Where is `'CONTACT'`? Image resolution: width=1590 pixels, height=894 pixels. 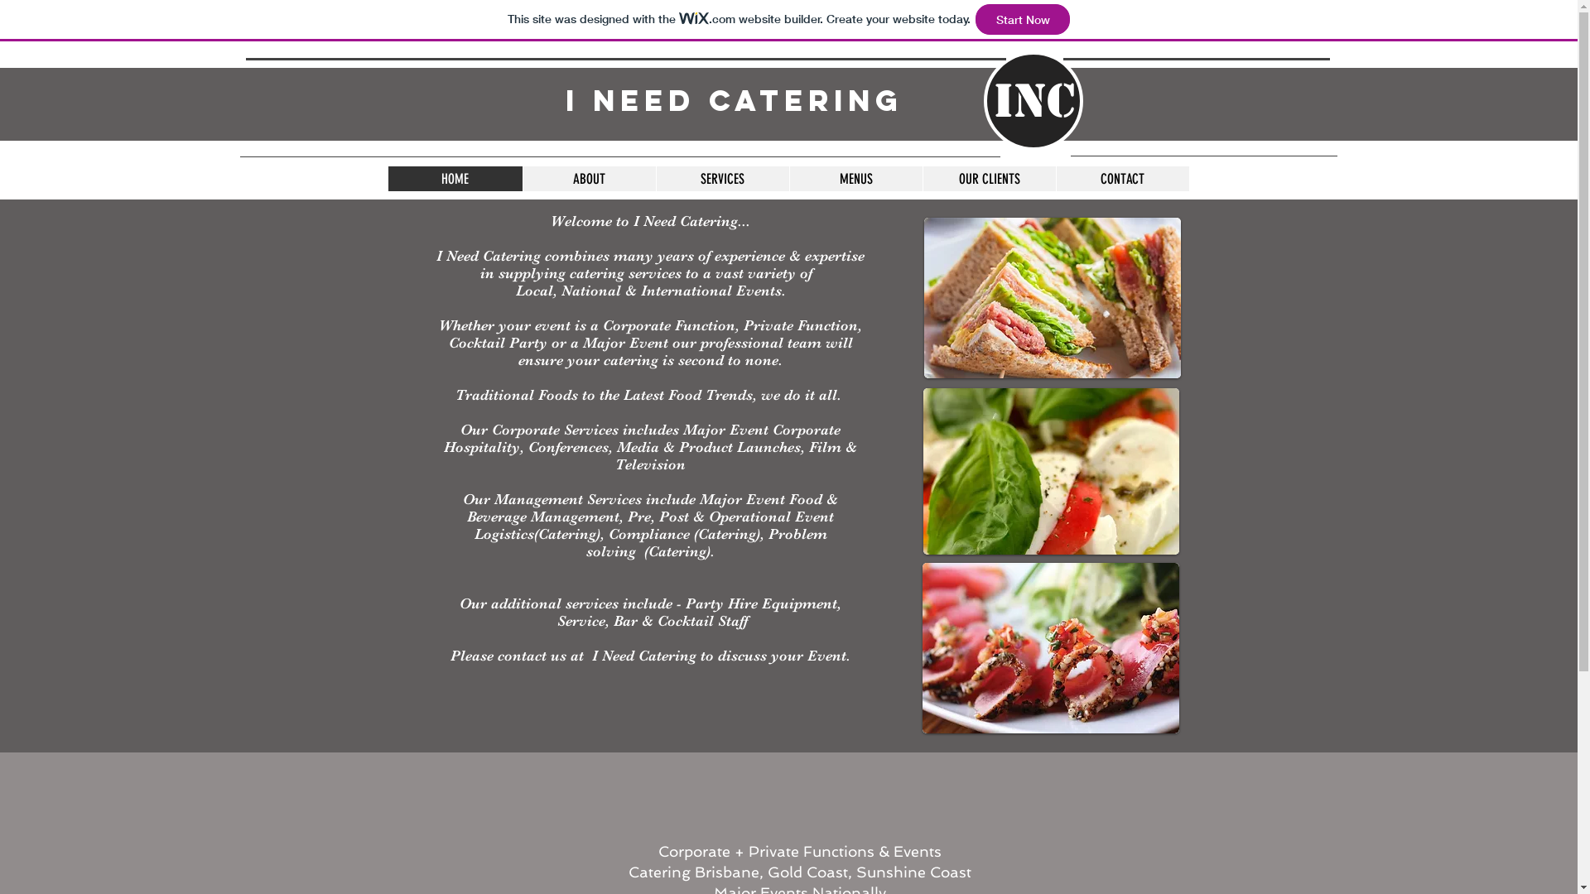 'CONTACT' is located at coordinates (1053, 179).